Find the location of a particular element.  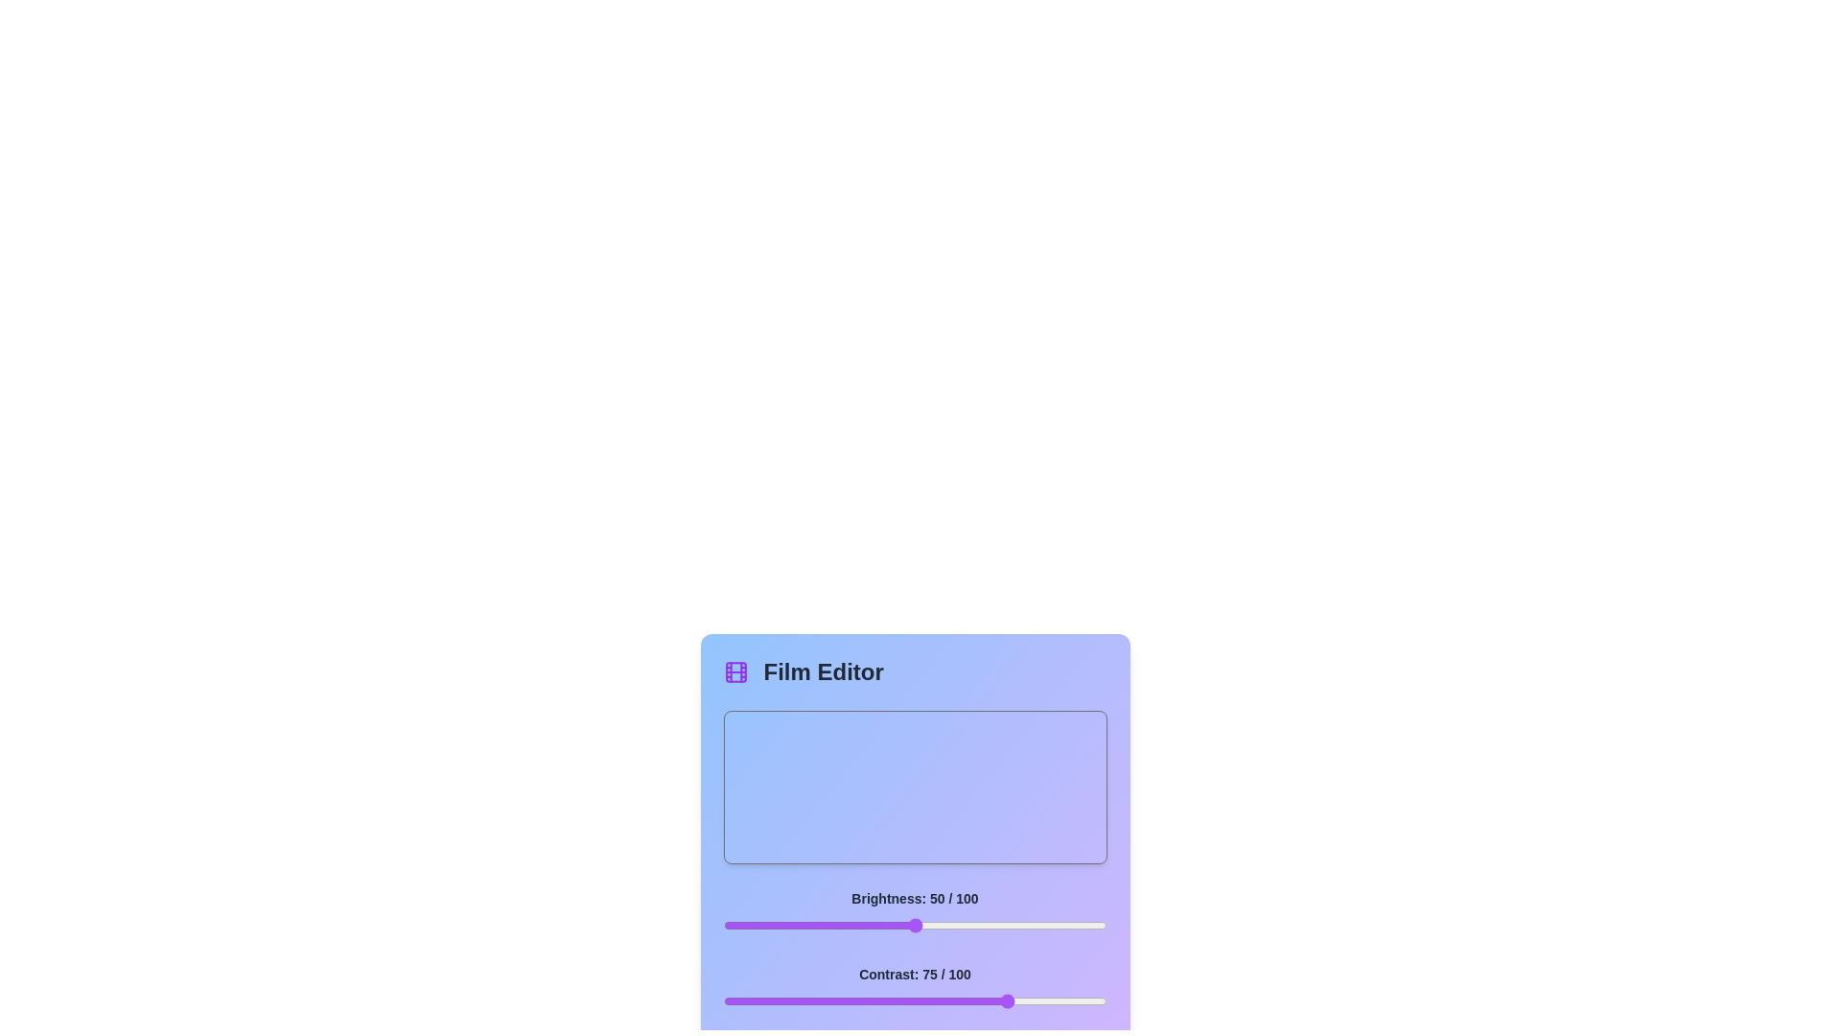

the brightness slider to 90 percent is located at coordinates (1067, 924).